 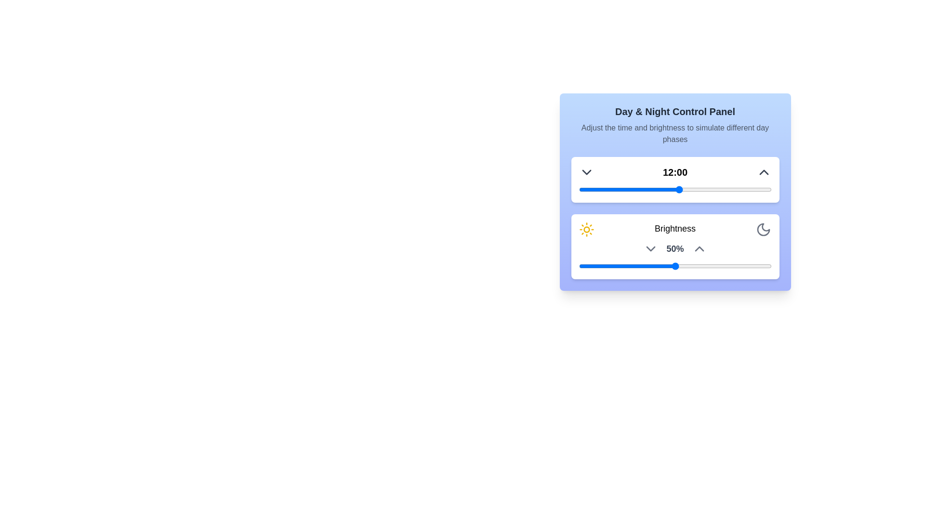 What do you see at coordinates (674, 172) in the screenshot?
I see `the static text label displaying '12:00' in bold font, located within the 'Day & Night Control Panel' between the upward and downward arrow buttons` at bounding box center [674, 172].